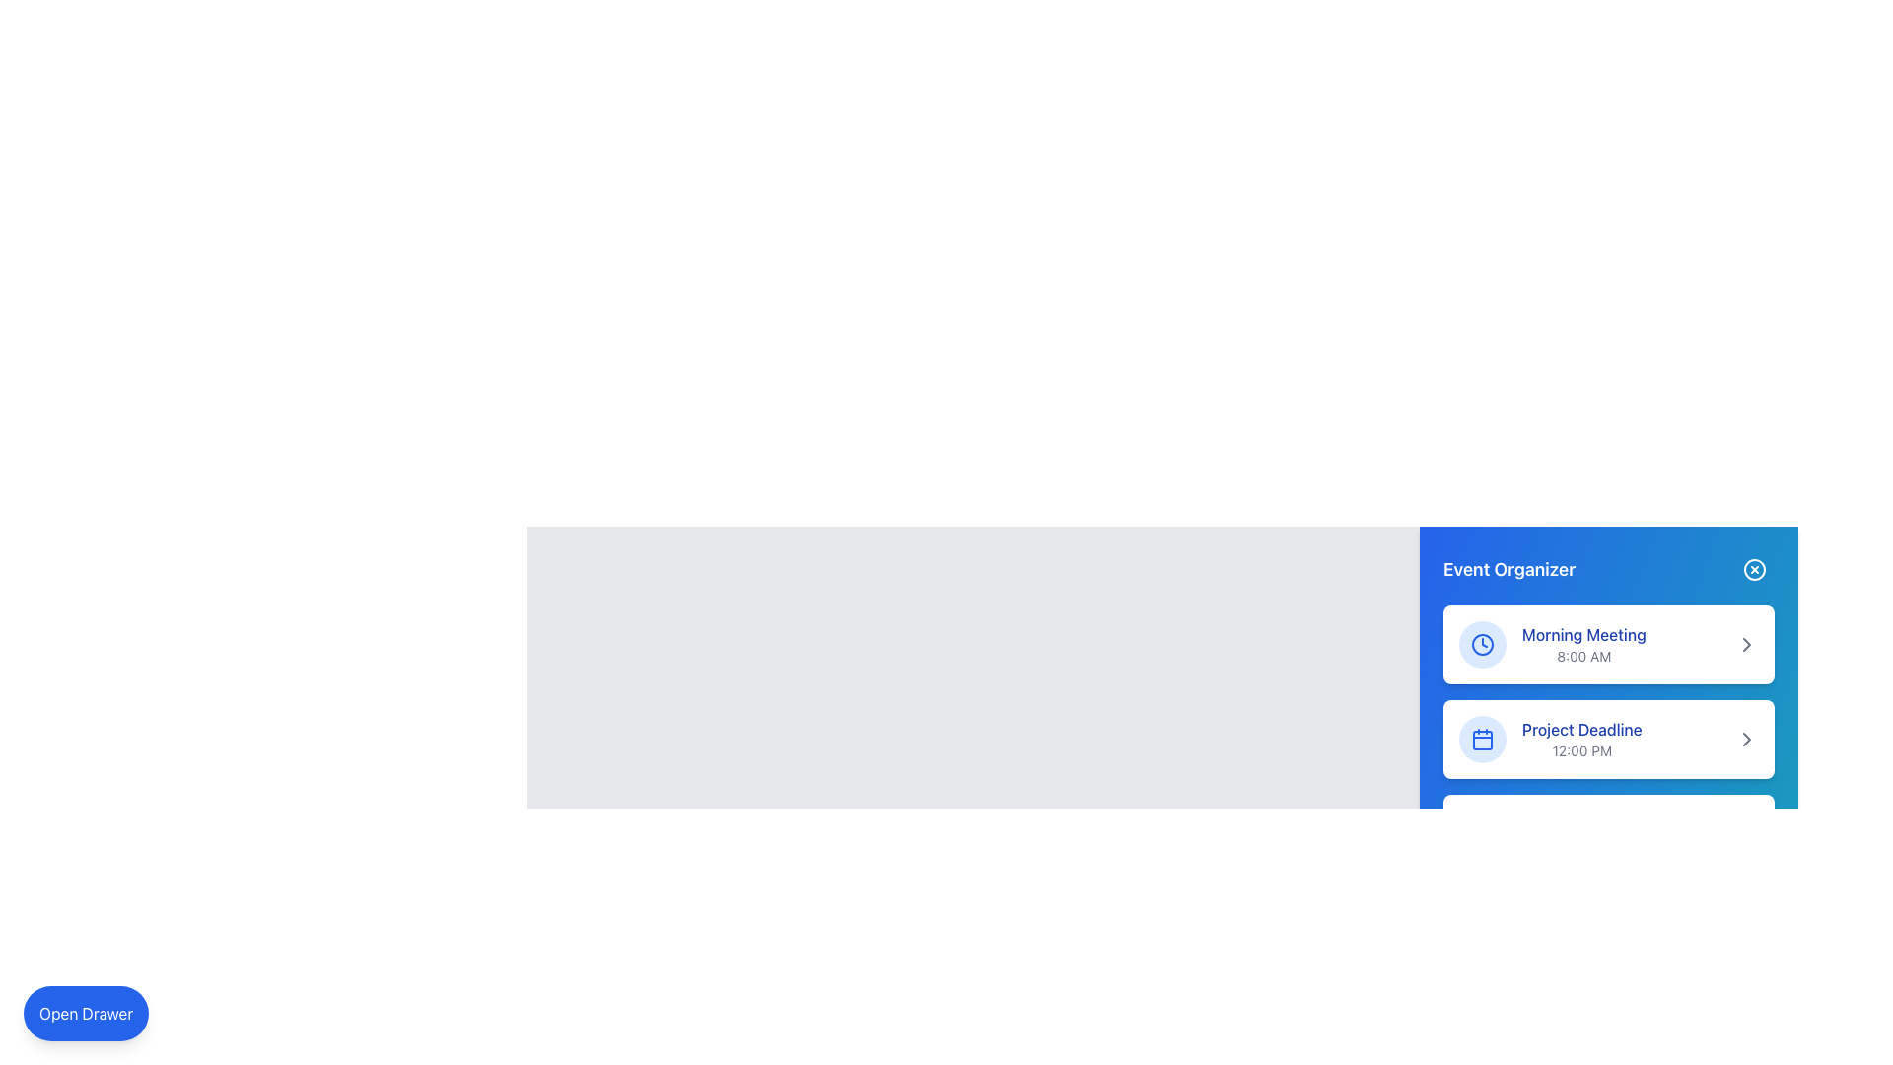 This screenshot has width=1893, height=1065. What do you see at coordinates (1583, 635) in the screenshot?
I see `the title text element that identifies the first event in the schedule, located in the upper-right corner above the time text` at bounding box center [1583, 635].